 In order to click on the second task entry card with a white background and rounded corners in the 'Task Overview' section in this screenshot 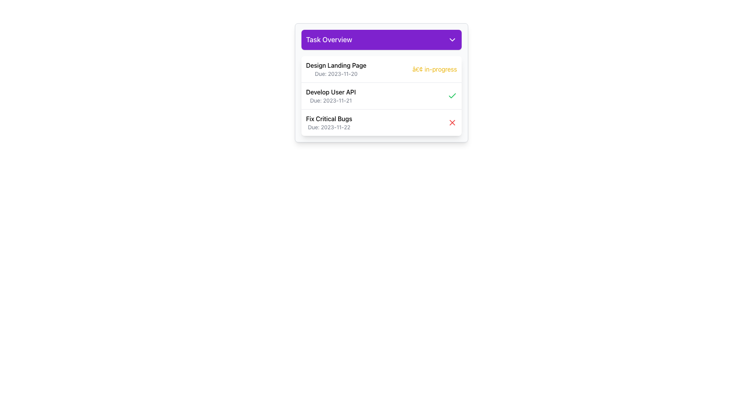, I will do `click(381, 95)`.